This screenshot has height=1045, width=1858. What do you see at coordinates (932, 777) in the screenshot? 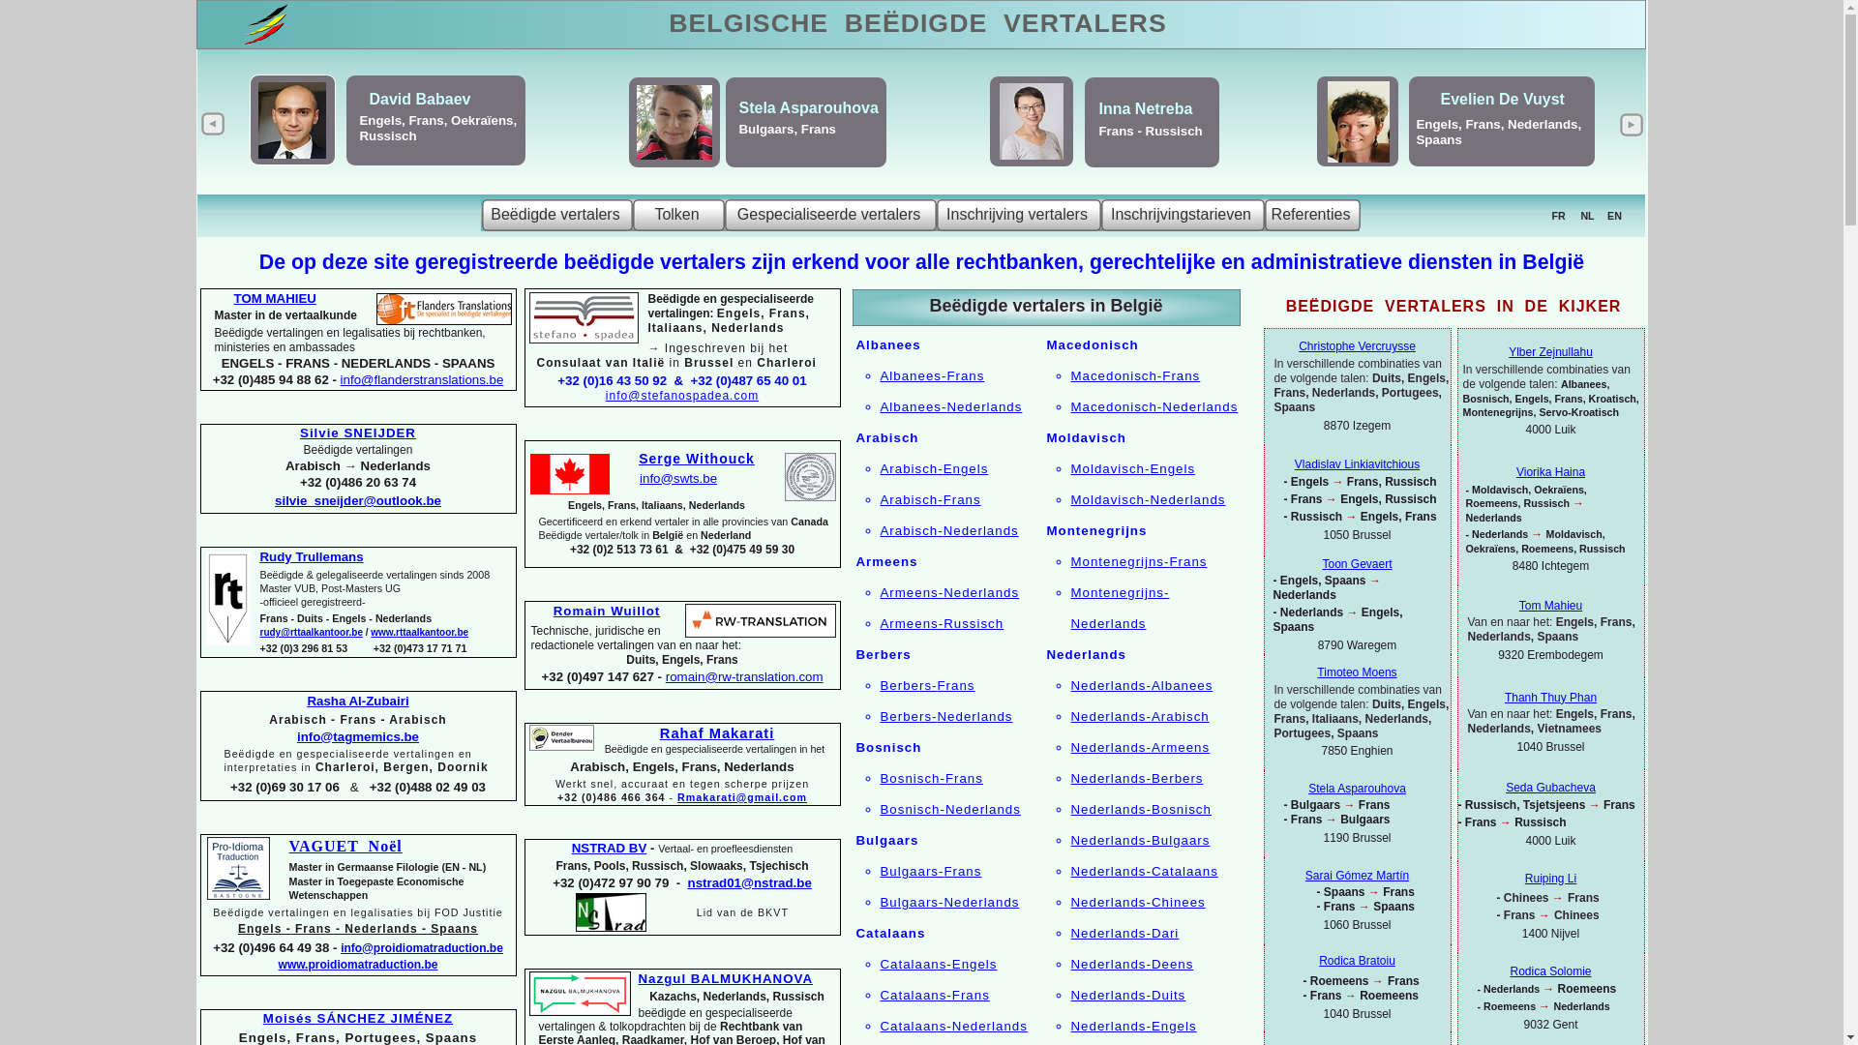
I see `'Bosnisch-Frans'` at bounding box center [932, 777].